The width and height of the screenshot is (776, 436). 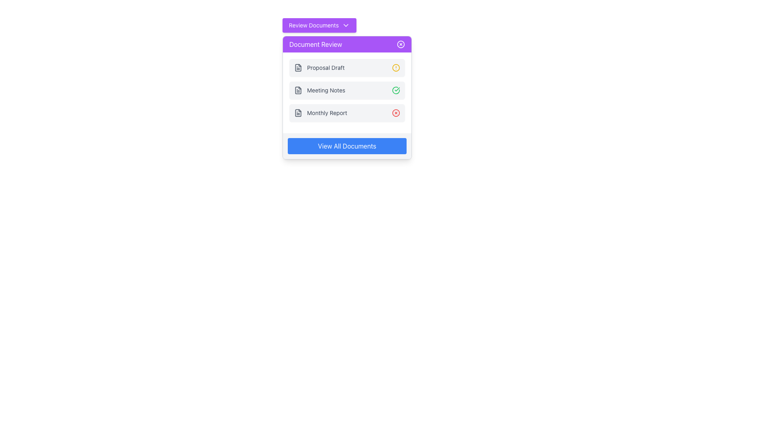 I want to click on the button that allows viewing all documents in the 'Document Review' section, located at the bottom of the panel, so click(x=347, y=146).